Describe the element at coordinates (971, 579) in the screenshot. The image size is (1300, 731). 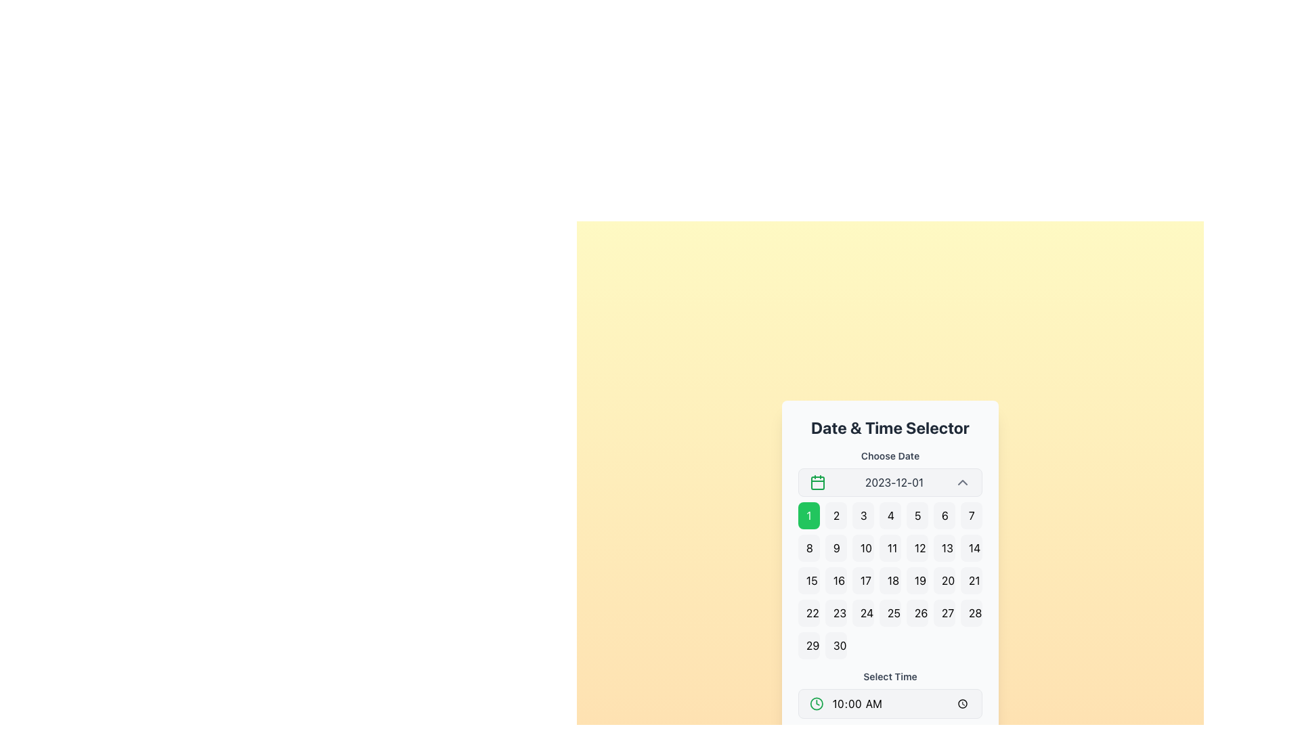
I see `the button representing the date '21st' in the date picker widget` at that location.